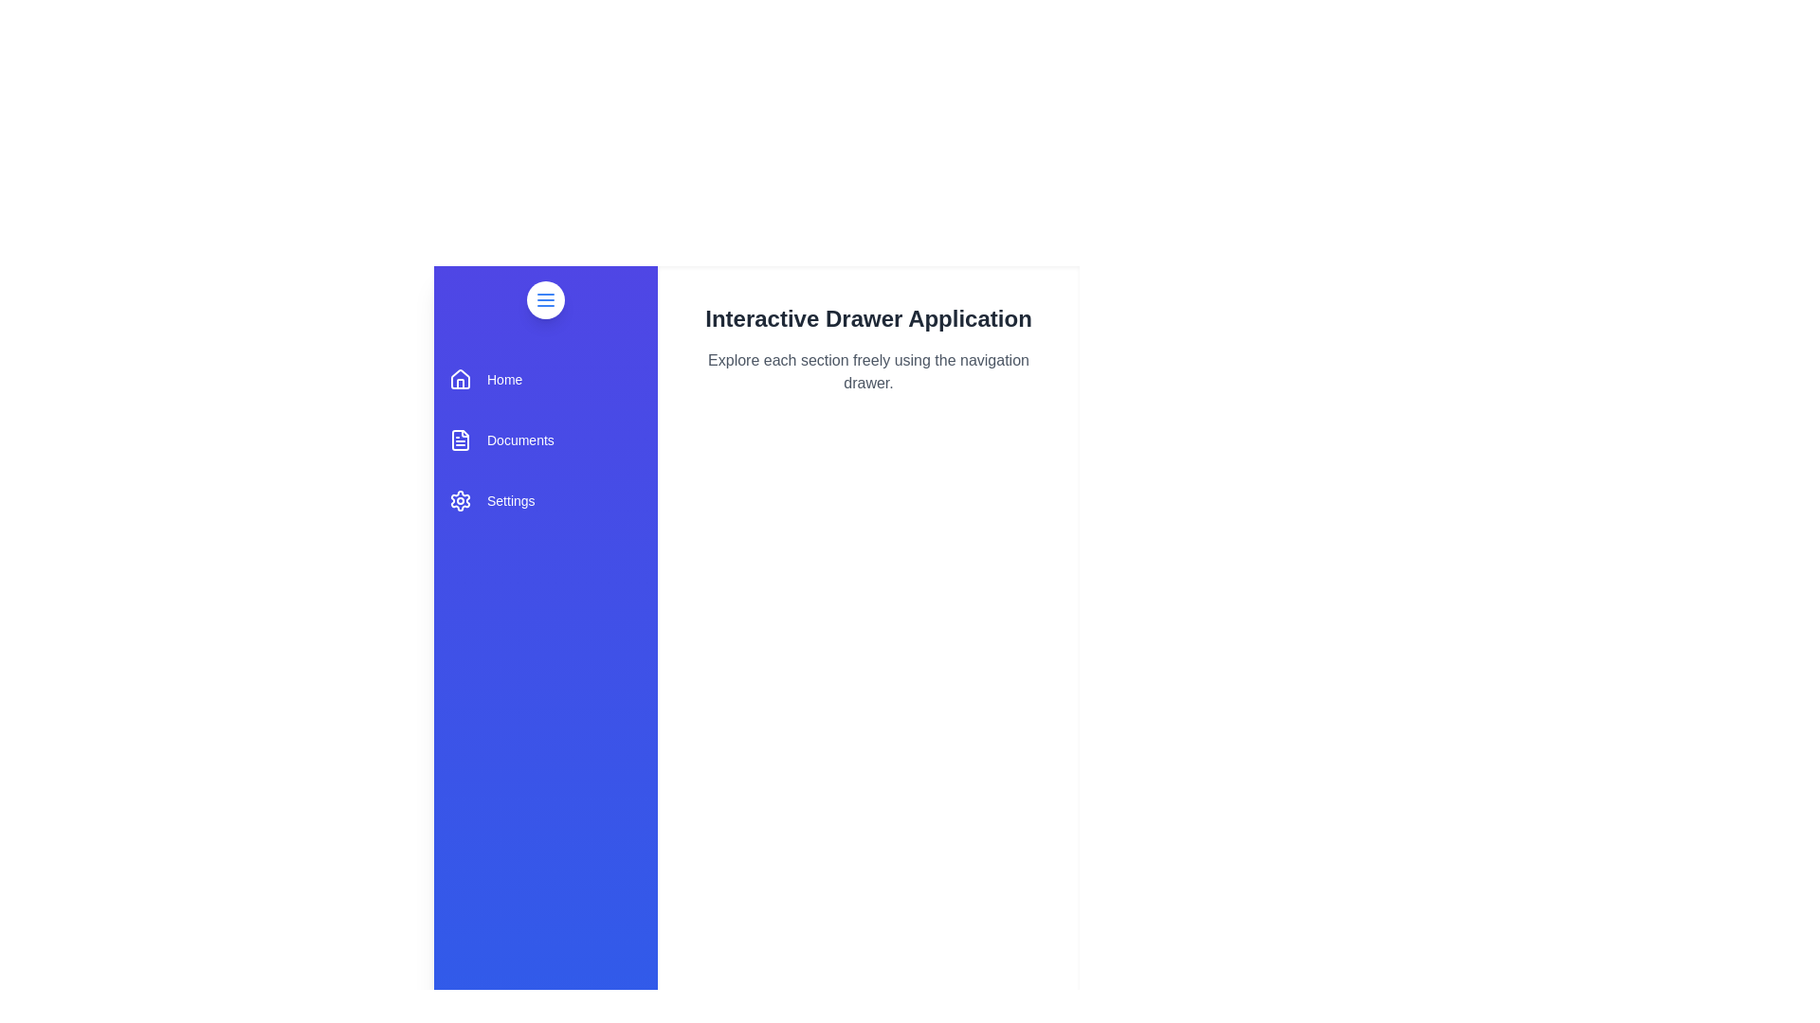 This screenshot has width=1820, height=1023. Describe the element at coordinates (545, 499) in the screenshot. I see `the 'Settings' section in the drawer` at that location.